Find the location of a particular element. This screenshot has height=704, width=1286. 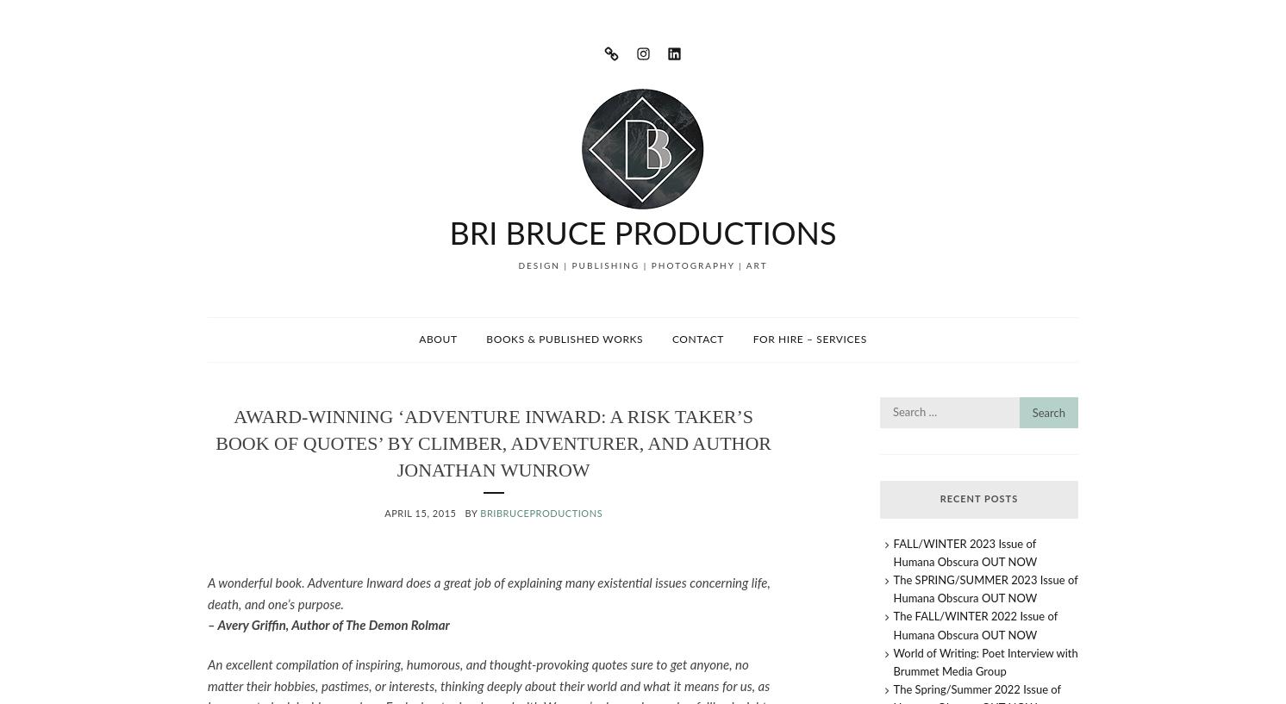

'A wonderful book. Adventure Inward does a great job of explaining many existential issues concerning life, death, and one’s purpose.' is located at coordinates (206, 593).